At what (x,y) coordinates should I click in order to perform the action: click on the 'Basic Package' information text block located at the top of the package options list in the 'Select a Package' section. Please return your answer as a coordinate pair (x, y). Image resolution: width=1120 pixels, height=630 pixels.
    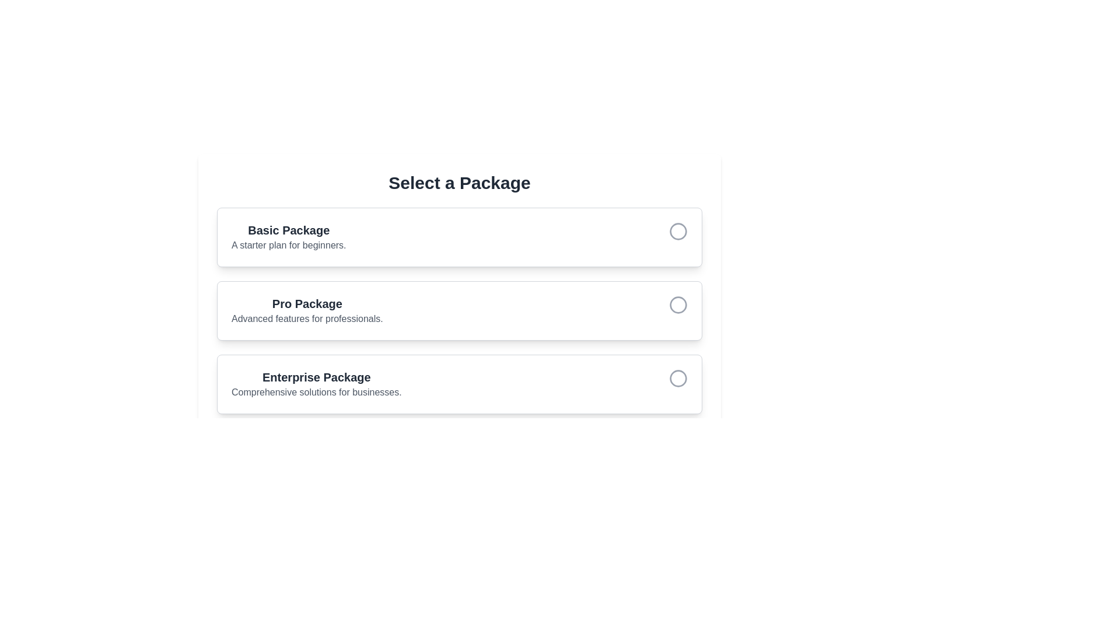
    Looking at the image, I should click on (289, 237).